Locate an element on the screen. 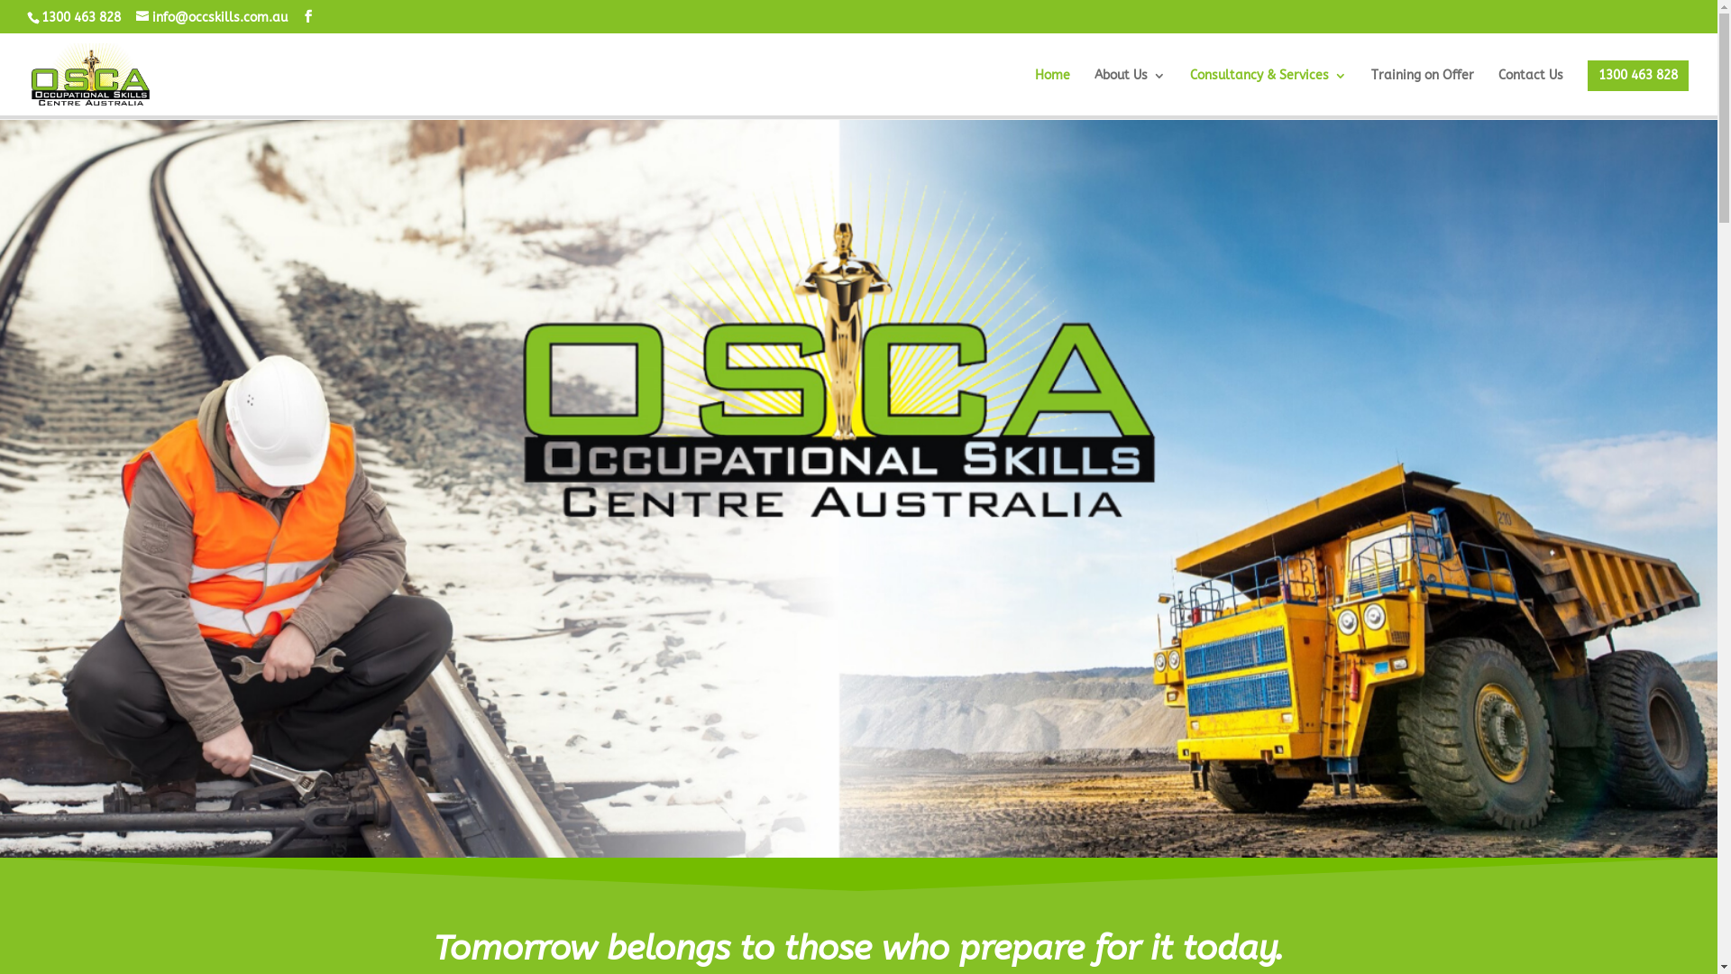 The width and height of the screenshot is (1731, 974). 'About Us' is located at coordinates (1129, 89).